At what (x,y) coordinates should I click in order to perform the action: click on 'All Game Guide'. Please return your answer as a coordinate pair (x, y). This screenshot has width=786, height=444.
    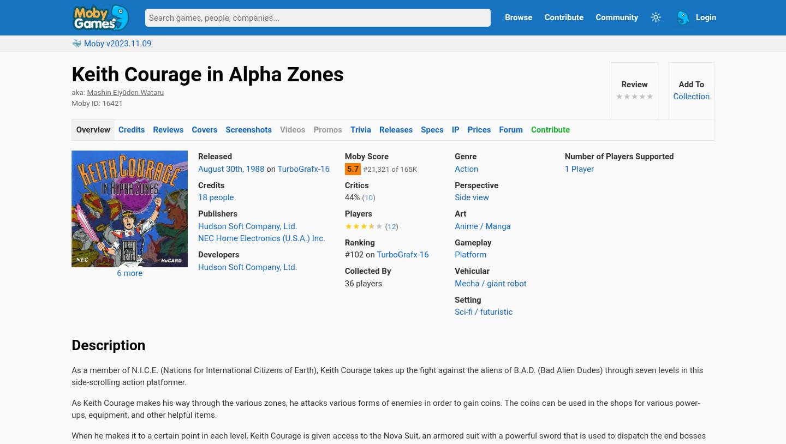
    Looking at the image, I should click on (99, 35).